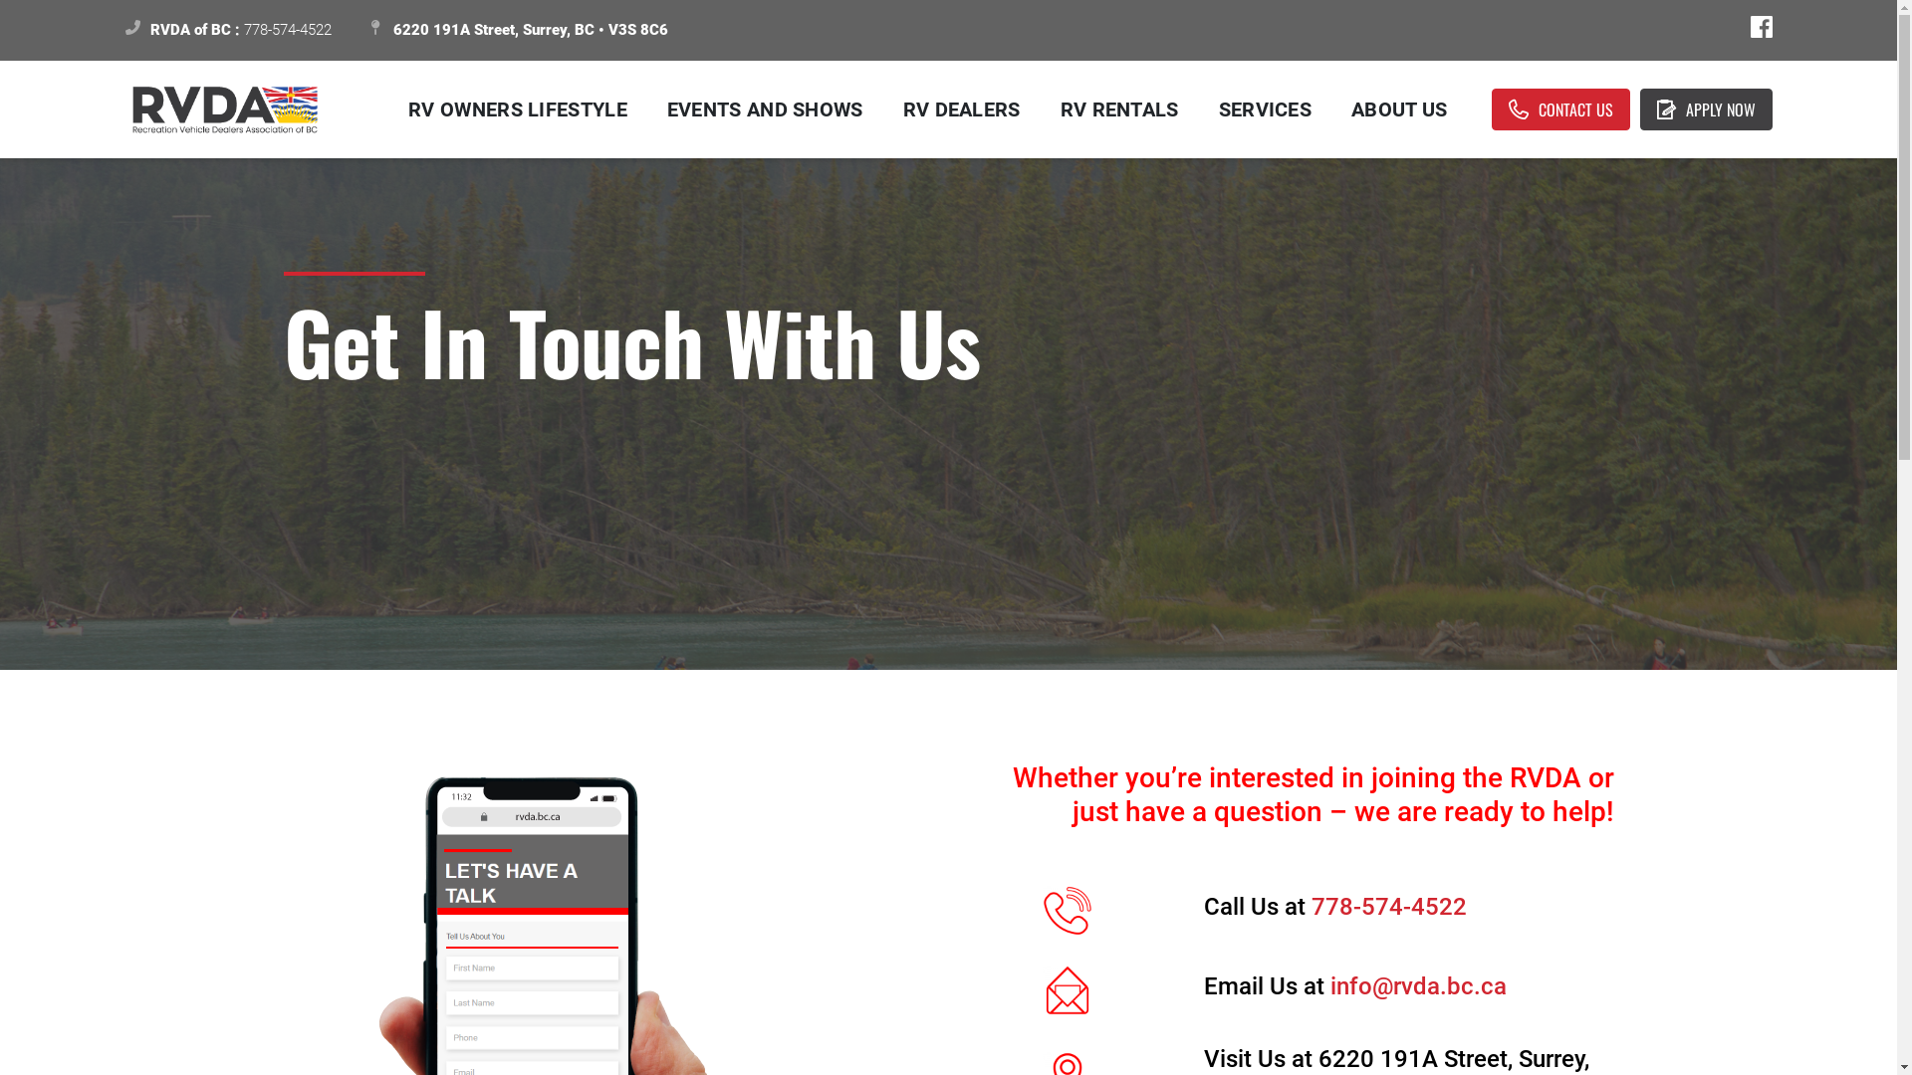 The width and height of the screenshot is (1912, 1075). Describe the element at coordinates (1704, 109) in the screenshot. I see `'APPLY NOW'` at that location.